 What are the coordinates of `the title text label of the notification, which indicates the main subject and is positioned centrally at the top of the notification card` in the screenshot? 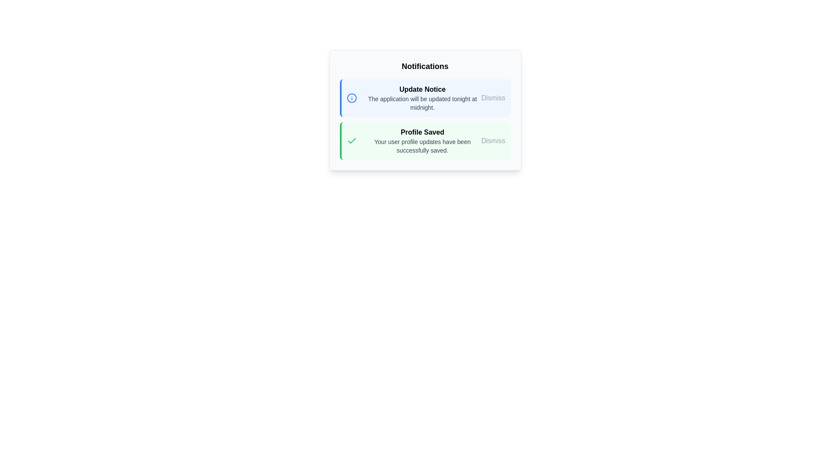 It's located at (422, 89).